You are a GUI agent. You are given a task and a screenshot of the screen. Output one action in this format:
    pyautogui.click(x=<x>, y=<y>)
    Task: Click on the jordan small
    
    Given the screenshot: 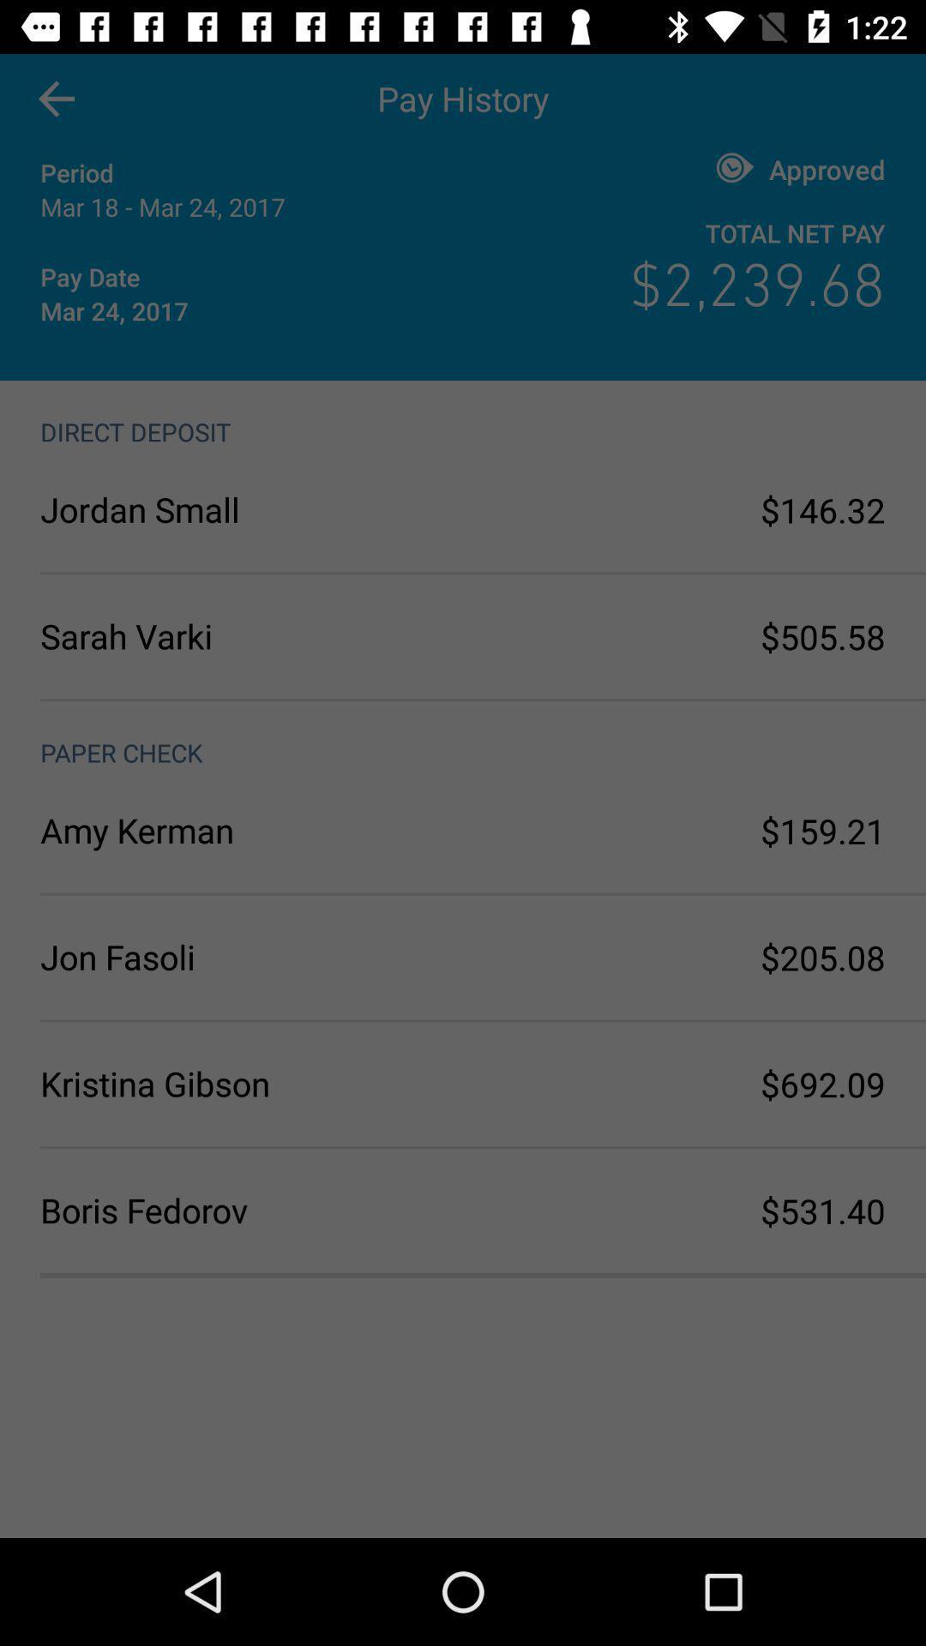 What is the action you would take?
    pyautogui.click(x=251, y=508)
    